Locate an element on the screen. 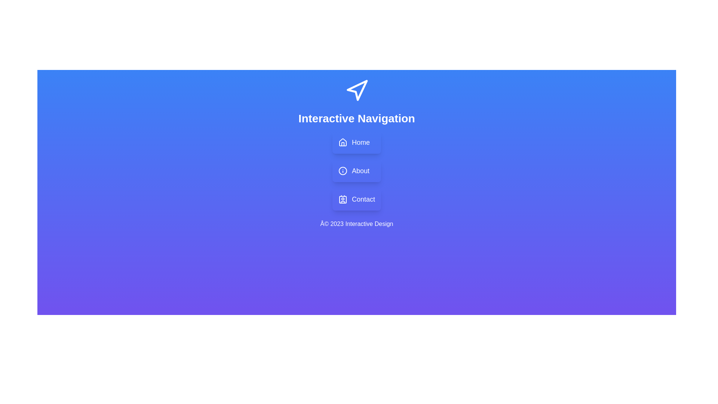 The width and height of the screenshot is (718, 404). the 'Contact' navigation button, which is represented by an Icon (SVG) indicating contact information is located at coordinates (342, 199).